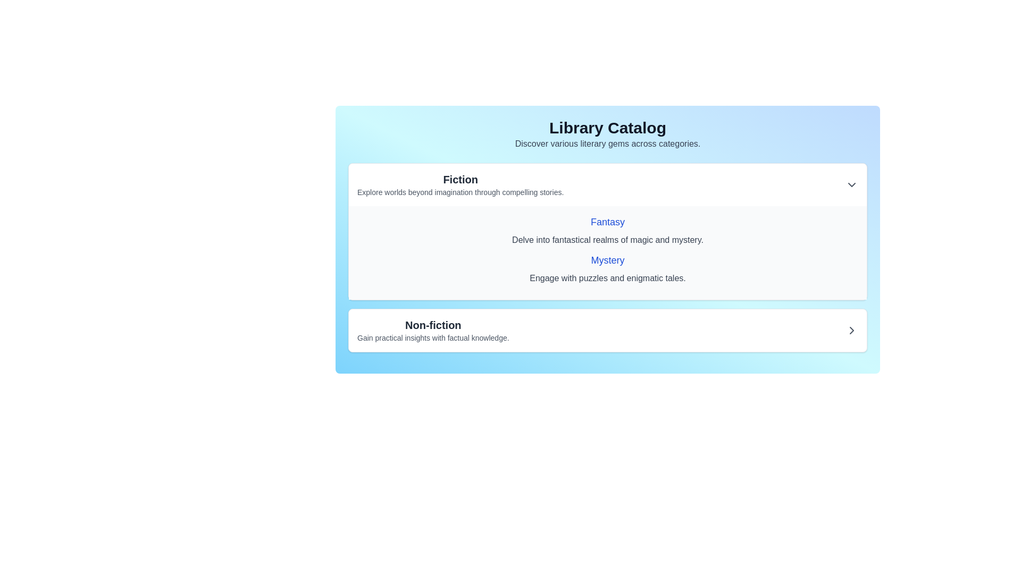  I want to click on the static text label that reads 'Gain practical insights with factual knowledge.', positioned below the 'Non-fiction' title in a minimalist design, so click(433, 338).